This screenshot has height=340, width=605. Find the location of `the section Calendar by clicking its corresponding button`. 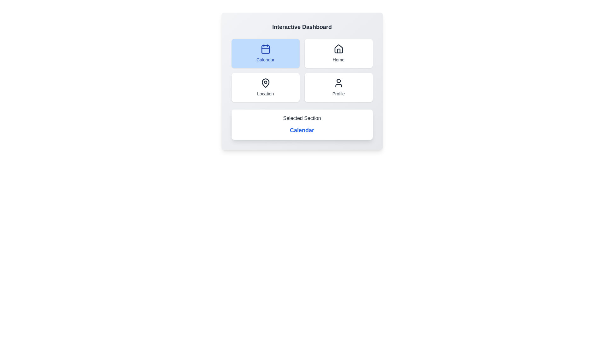

the section Calendar by clicking its corresponding button is located at coordinates (265, 53).